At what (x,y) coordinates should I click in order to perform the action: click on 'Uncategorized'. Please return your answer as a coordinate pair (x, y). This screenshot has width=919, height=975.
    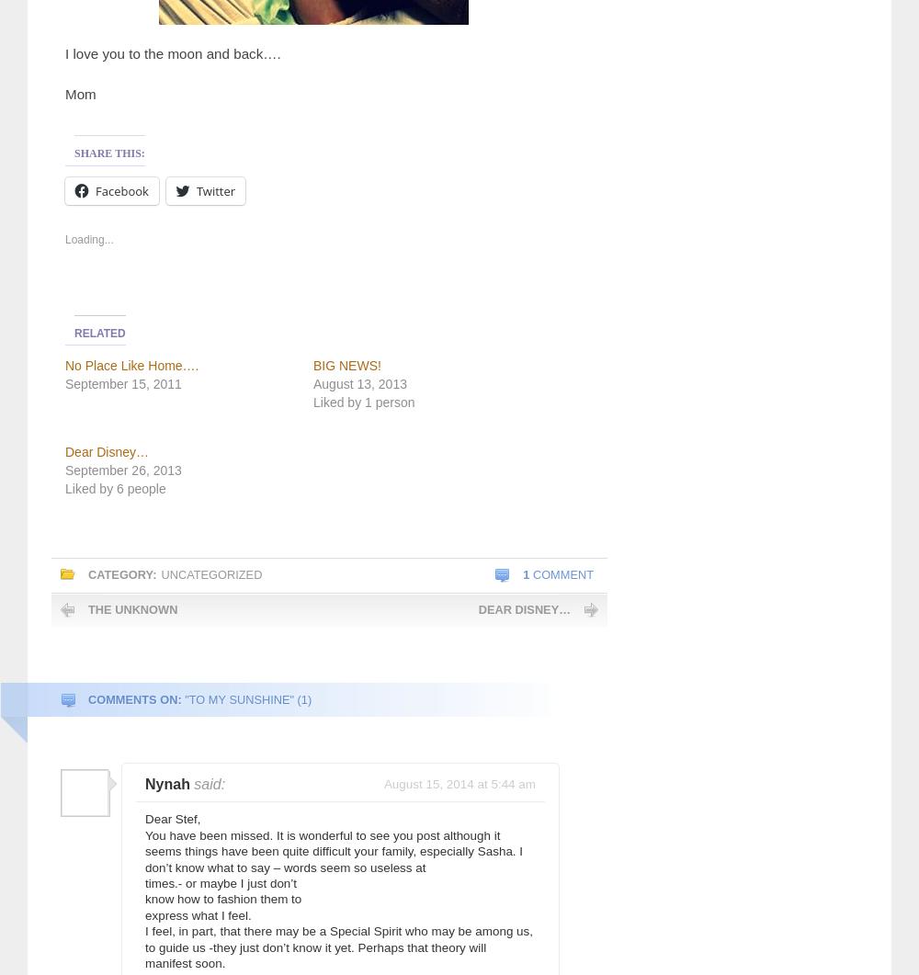
    Looking at the image, I should click on (161, 573).